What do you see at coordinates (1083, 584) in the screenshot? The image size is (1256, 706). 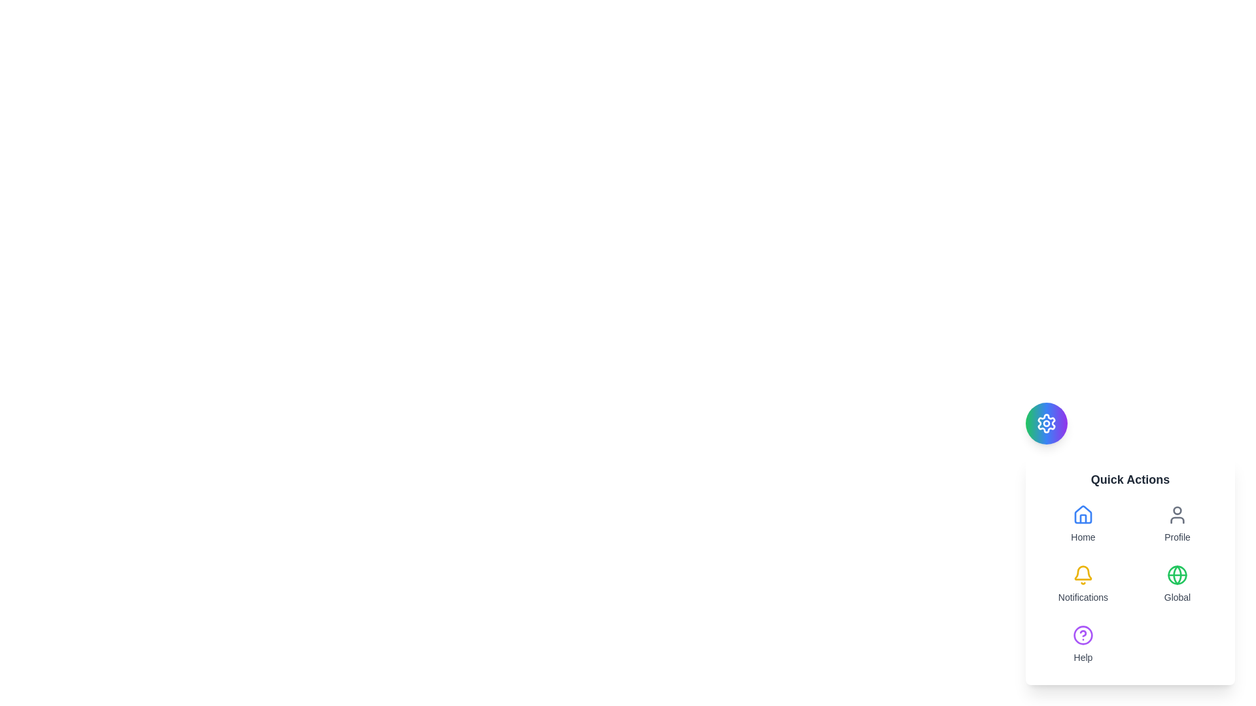 I see `the 'Notifications' button, which features a yellow bell icon and a small gray text label` at bounding box center [1083, 584].